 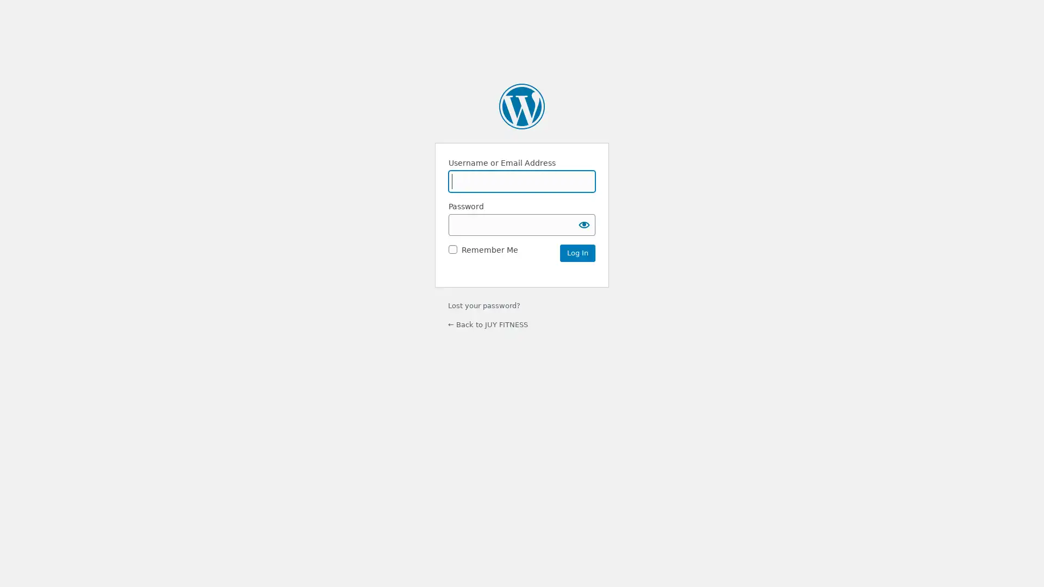 I want to click on Show password, so click(x=584, y=223).